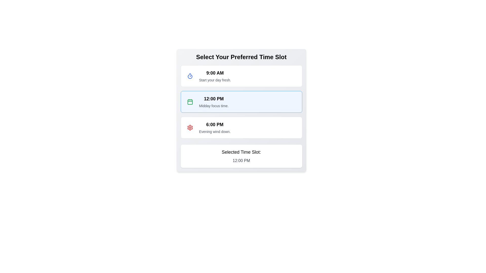  Describe the element at coordinates (190, 77) in the screenshot. I see `the decorative timer icon represented by a graphical circle within the SVG, located in the '9:00 AM' time slot option` at that location.